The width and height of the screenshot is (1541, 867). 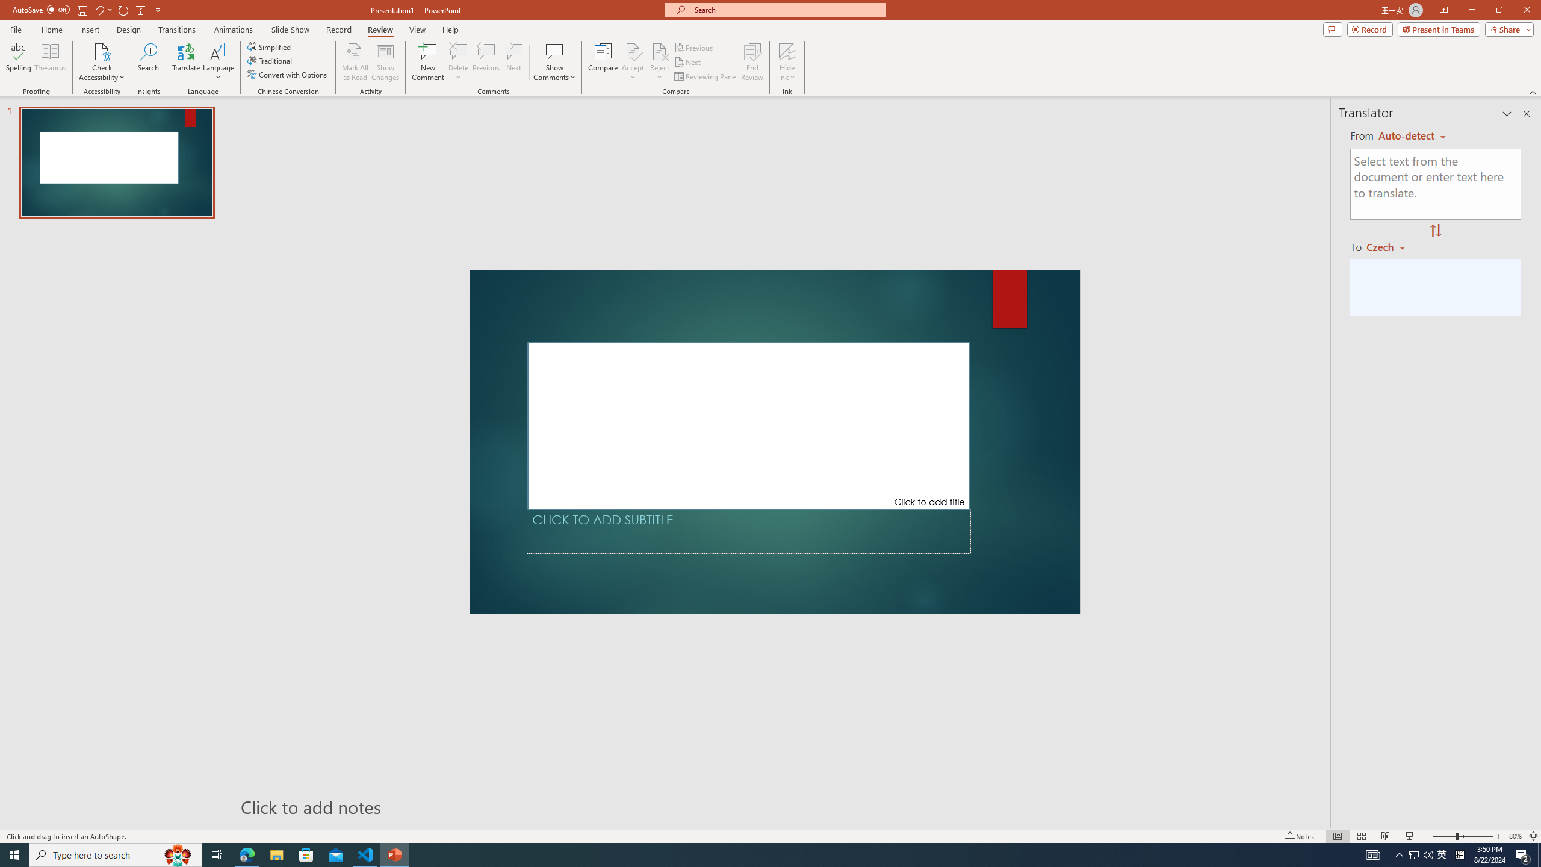 I want to click on 'Swap "from" and "to" languages.', so click(x=1435, y=231).